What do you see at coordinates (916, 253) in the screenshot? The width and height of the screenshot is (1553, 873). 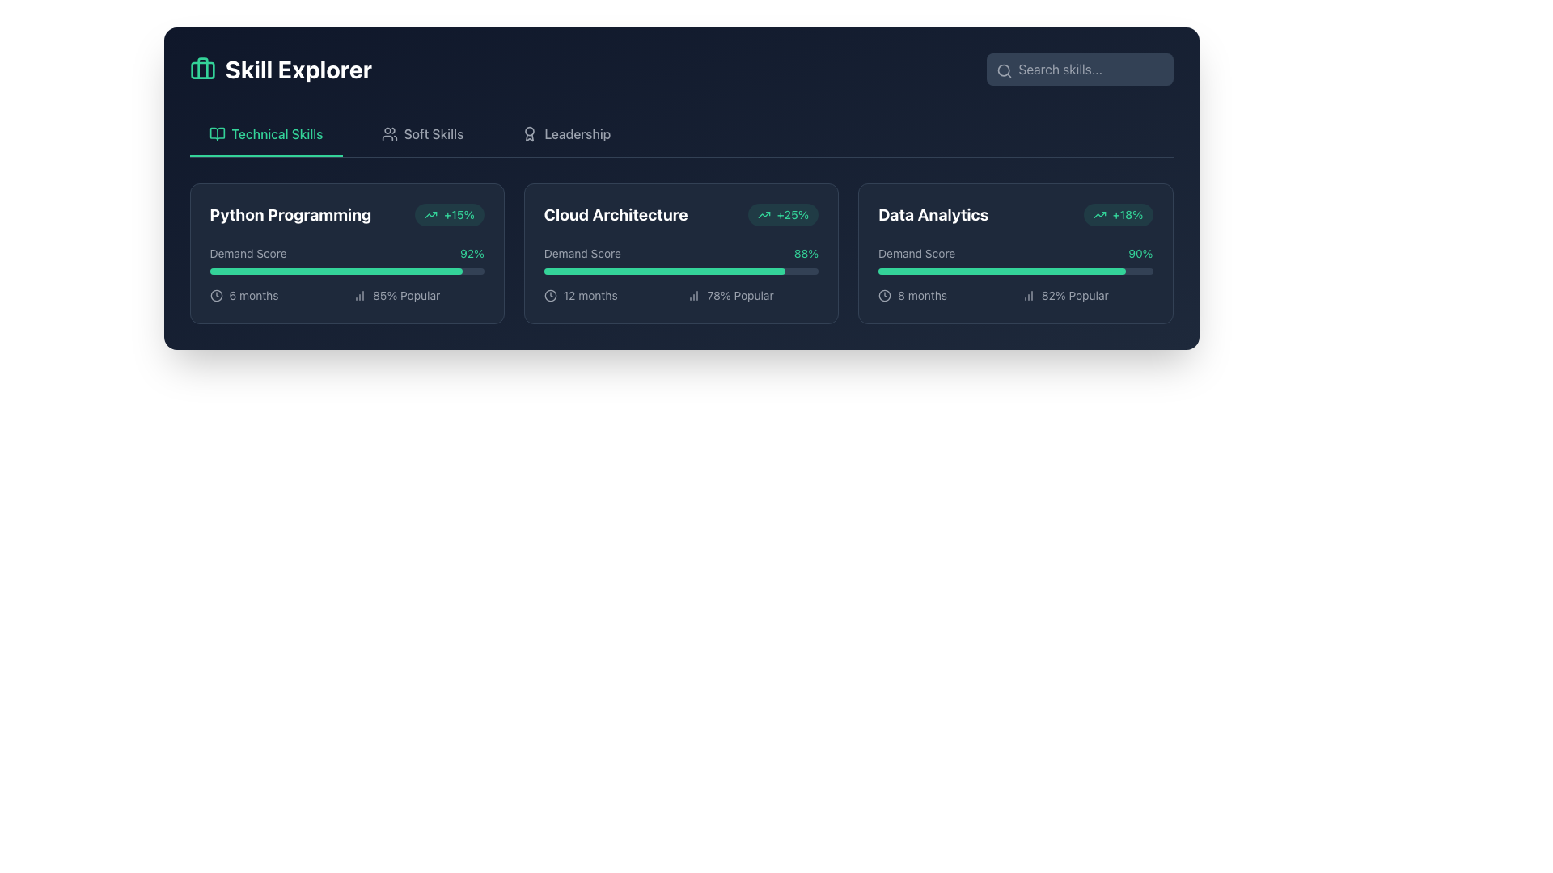 I see `the static text element displaying 'Demand Score' styled in light gray on a dark background, located in the 'Data Analytics' card` at bounding box center [916, 253].